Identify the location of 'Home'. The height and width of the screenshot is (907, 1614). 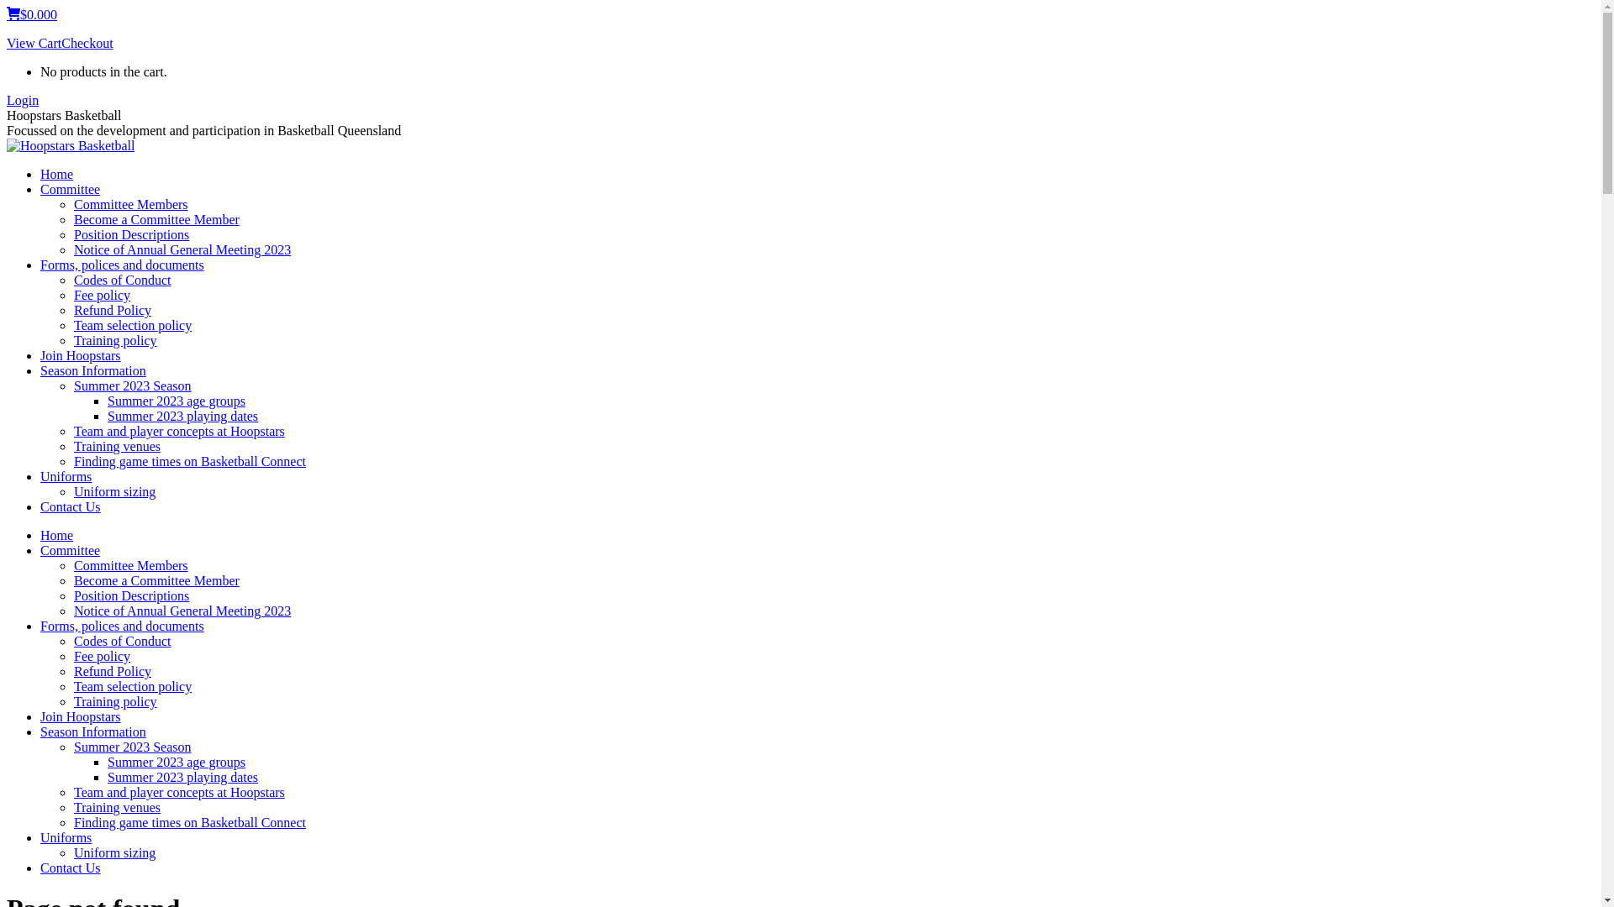
(40, 174).